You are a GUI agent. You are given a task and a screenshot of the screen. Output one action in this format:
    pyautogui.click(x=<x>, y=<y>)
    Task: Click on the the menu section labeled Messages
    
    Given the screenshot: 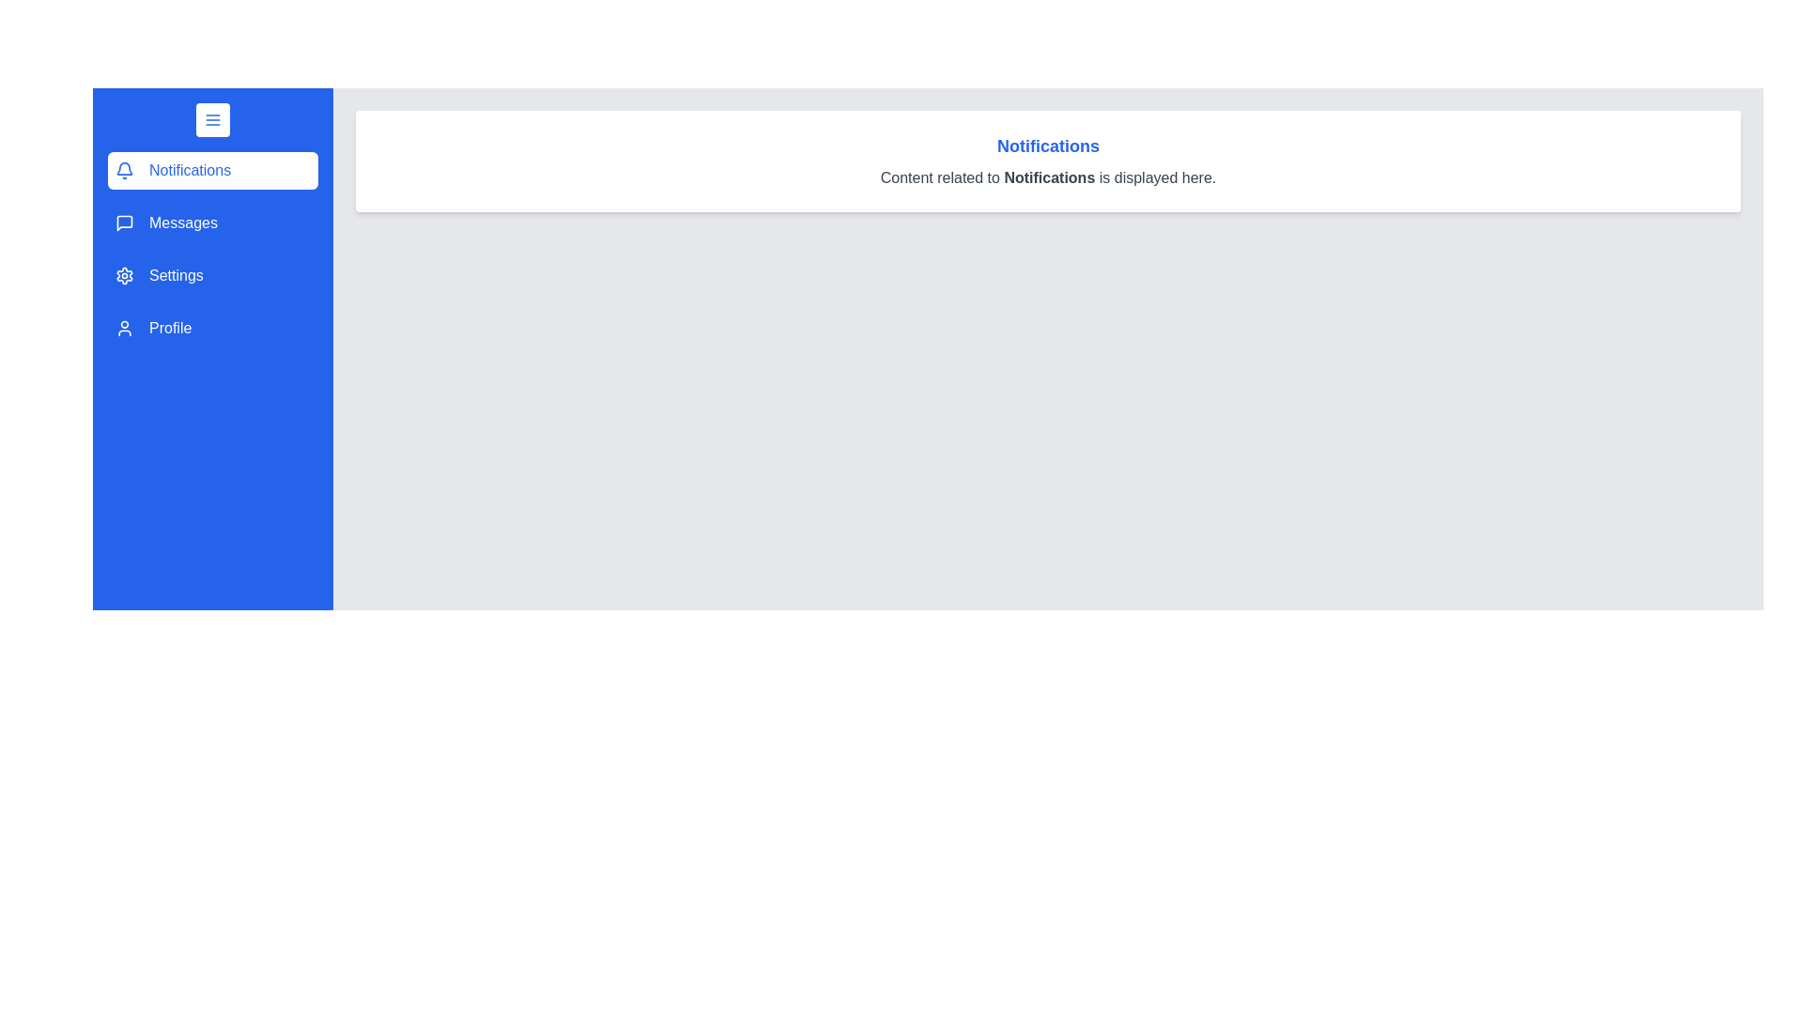 What is the action you would take?
    pyautogui.click(x=212, y=223)
    